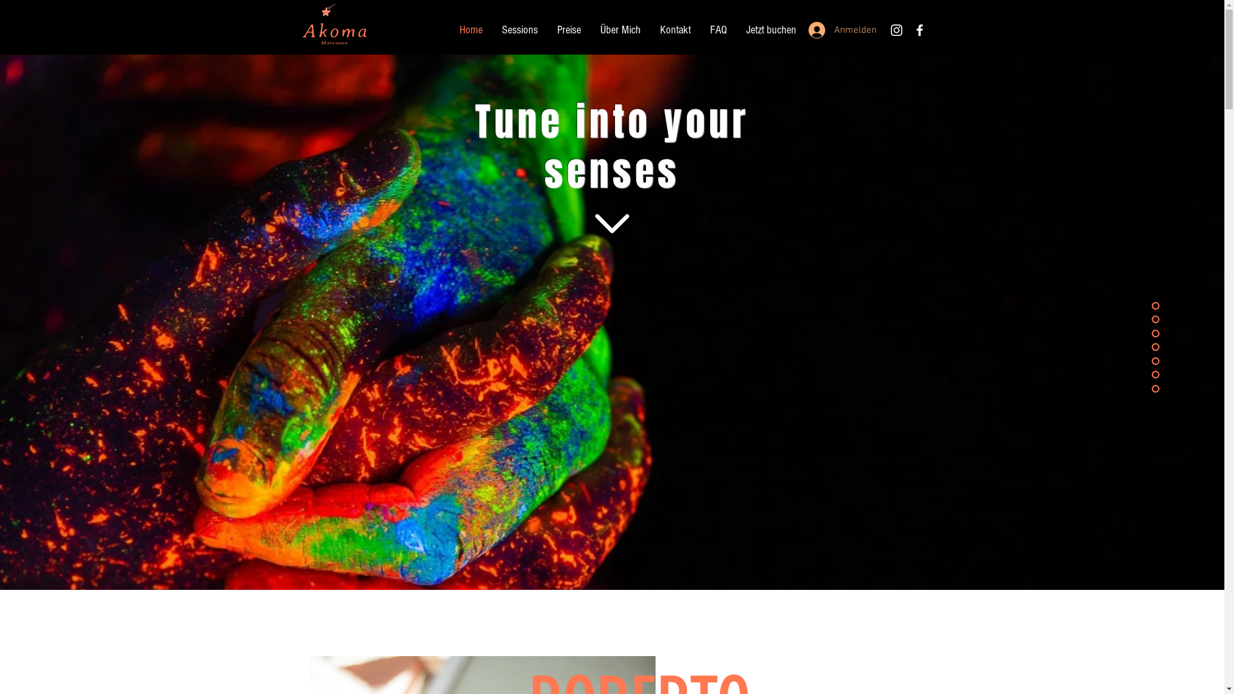 Image resolution: width=1234 pixels, height=694 pixels. What do you see at coordinates (771, 29) in the screenshot?
I see `'Jetzt buchen'` at bounding box center [771, 29].